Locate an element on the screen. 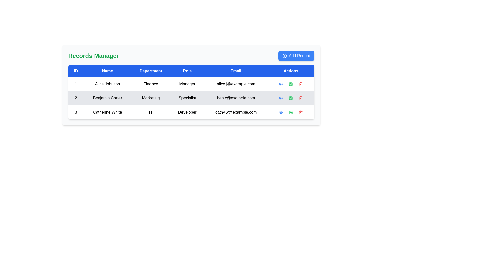 The width and height of the screenshot is (484, 272). the button located in the 'Actions' column of the first row of the table, positioned between the blue eye icon button and the red trash button is located at coordinates (291, 84).